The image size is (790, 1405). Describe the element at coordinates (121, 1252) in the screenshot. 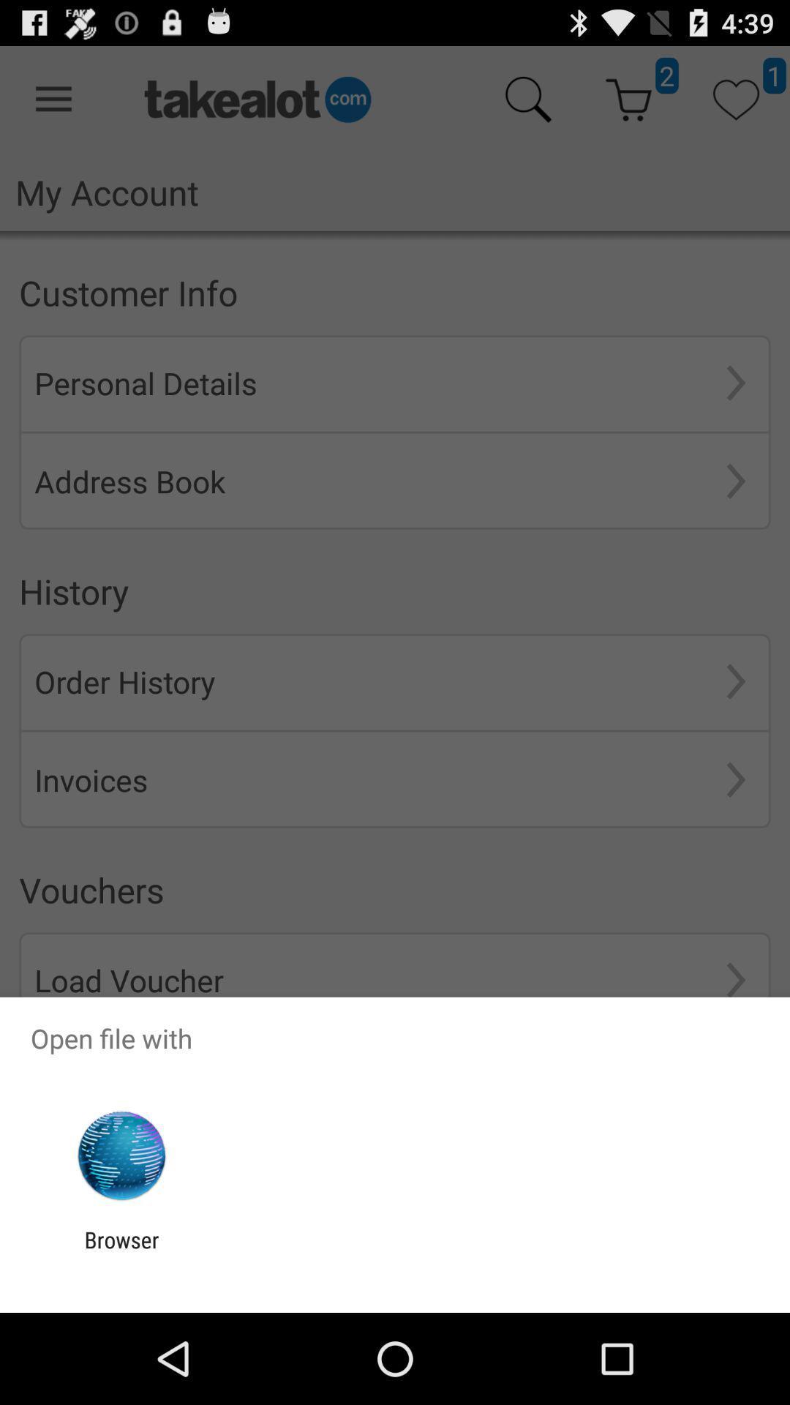

I see `browser` at that location.